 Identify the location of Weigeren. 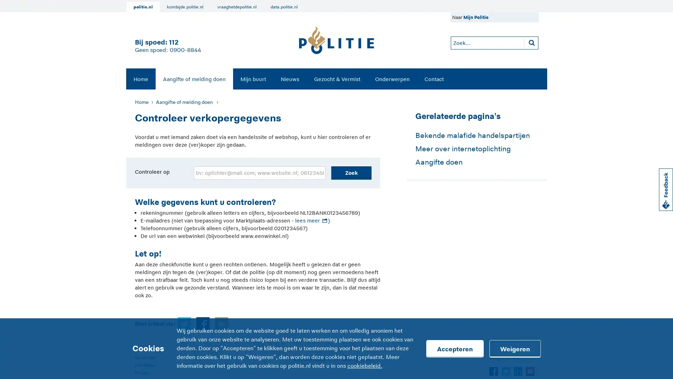
(515, 348).